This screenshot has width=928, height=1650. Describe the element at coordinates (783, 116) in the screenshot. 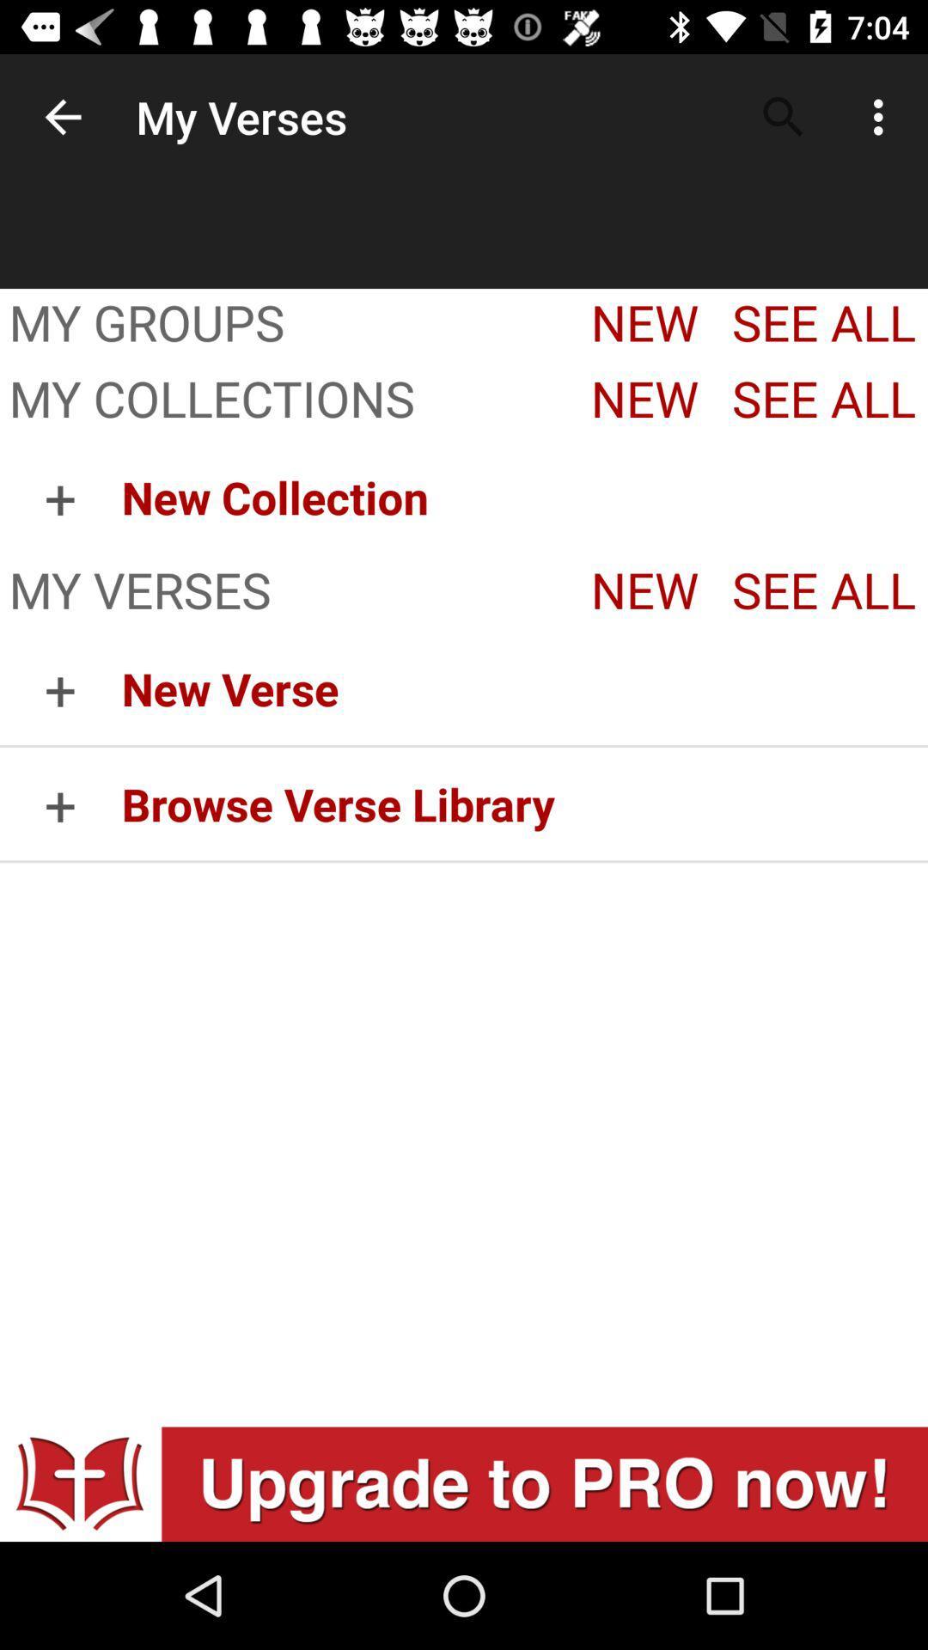

I see `item to the right of my verses item` at that location.